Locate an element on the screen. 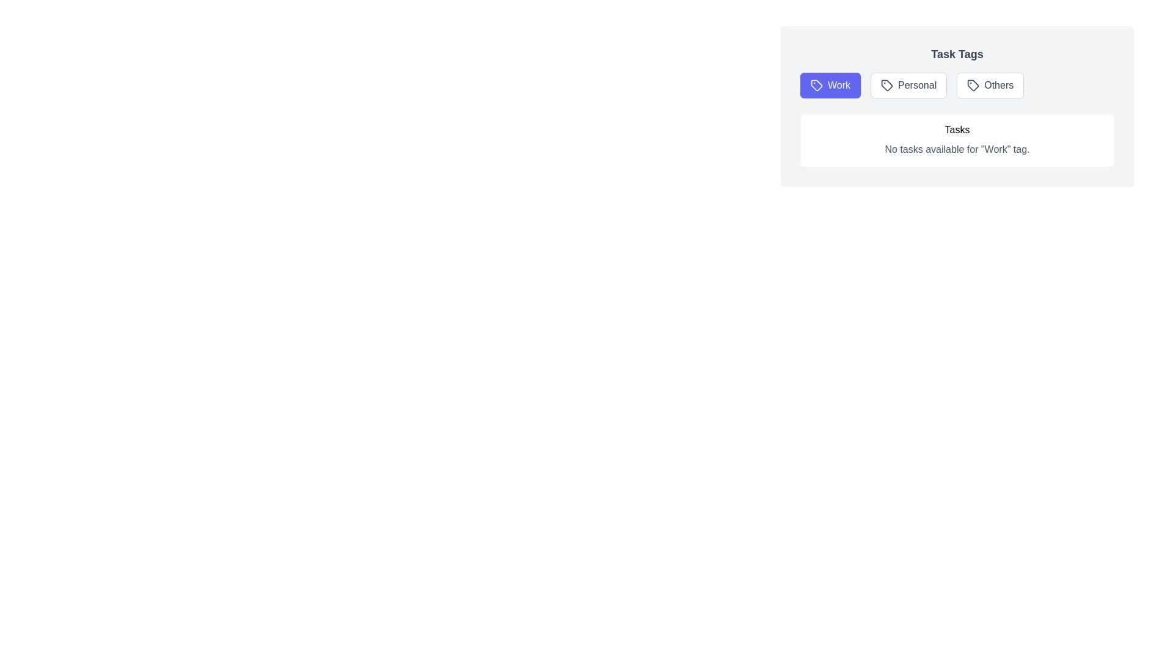 The width and height of the screenshot is (1173, 660). the button labeled 'Others' with a tag icon on the left to filter items by the 'Others' tag is located at coordinates (990, 84).